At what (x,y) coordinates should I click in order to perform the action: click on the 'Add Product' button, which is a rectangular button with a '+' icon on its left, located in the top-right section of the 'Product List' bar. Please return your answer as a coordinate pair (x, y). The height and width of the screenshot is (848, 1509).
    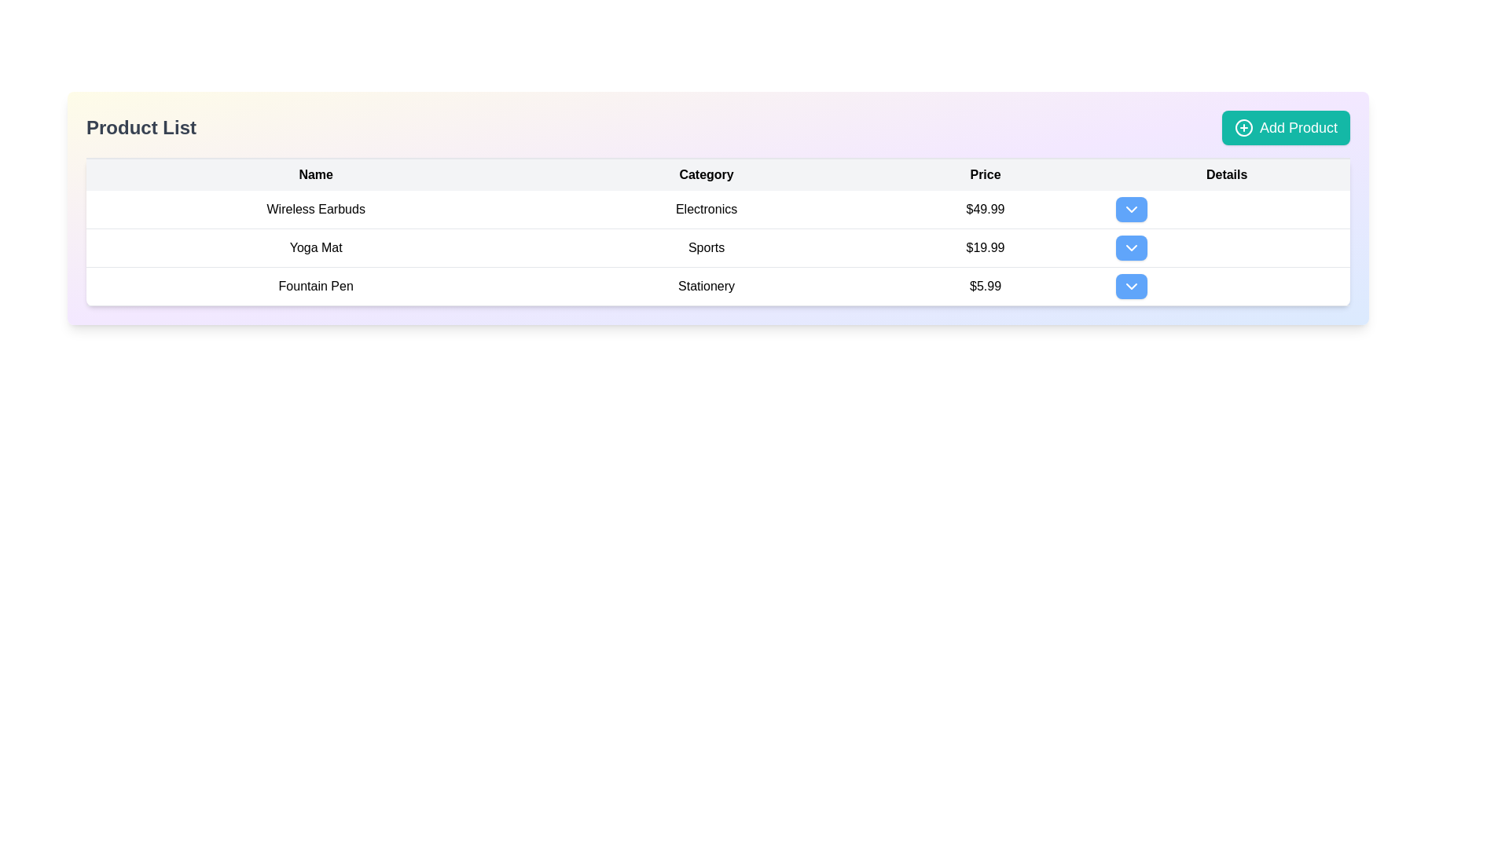
    Looking at the image, I should click on (1286, 126).